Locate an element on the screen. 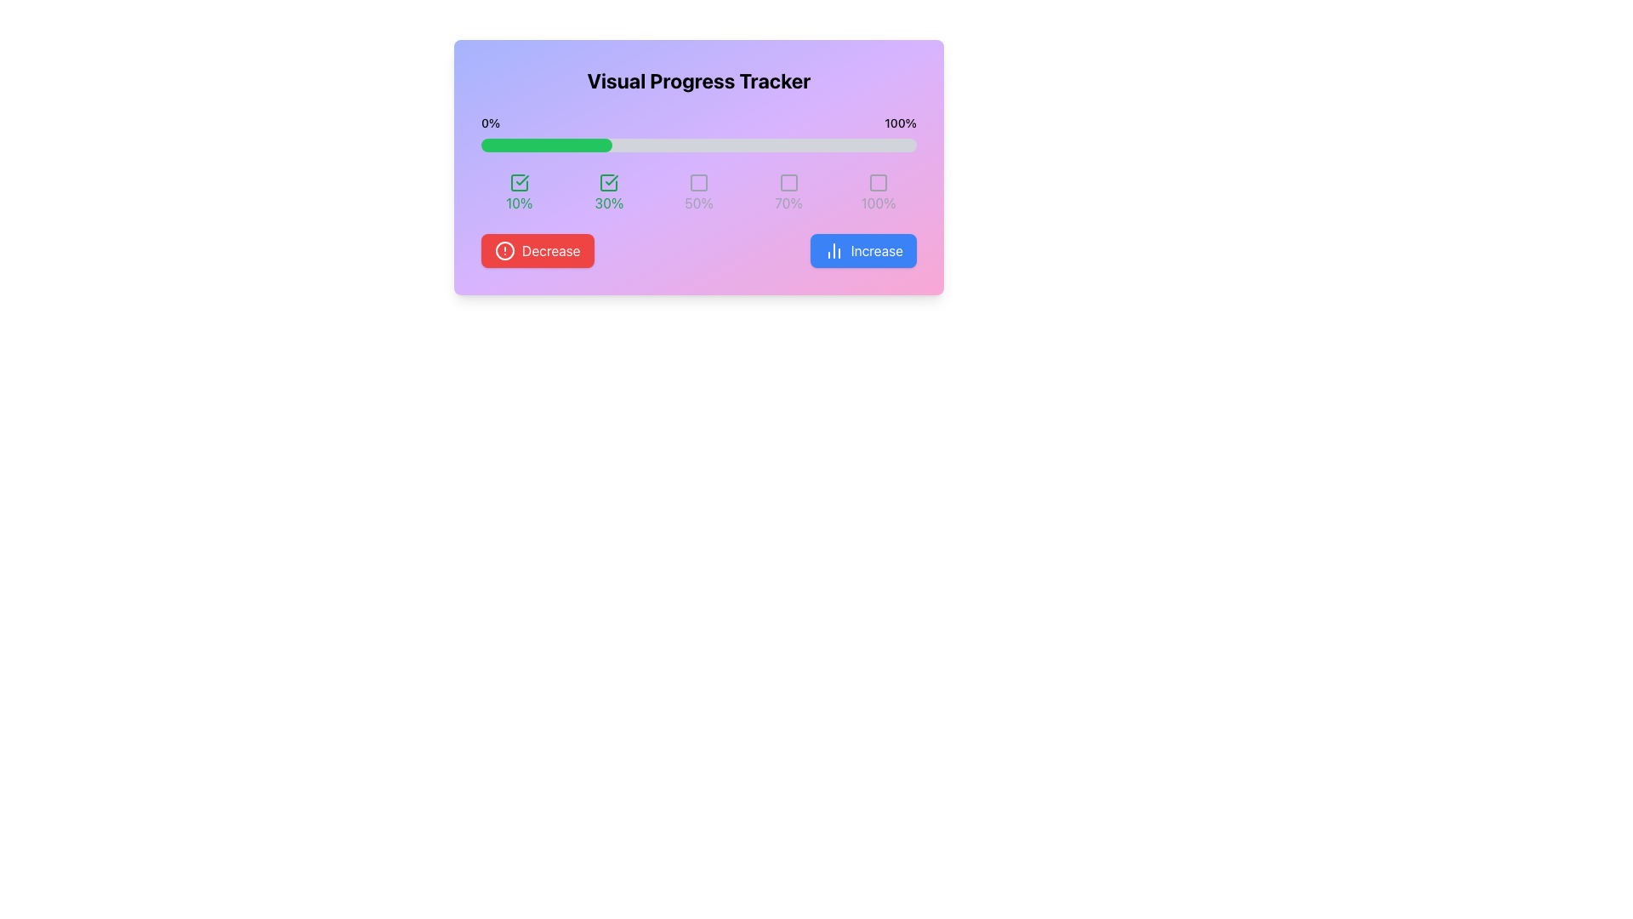 The image size is (1633, 919). the progress level is located at coordinates (851, 144).